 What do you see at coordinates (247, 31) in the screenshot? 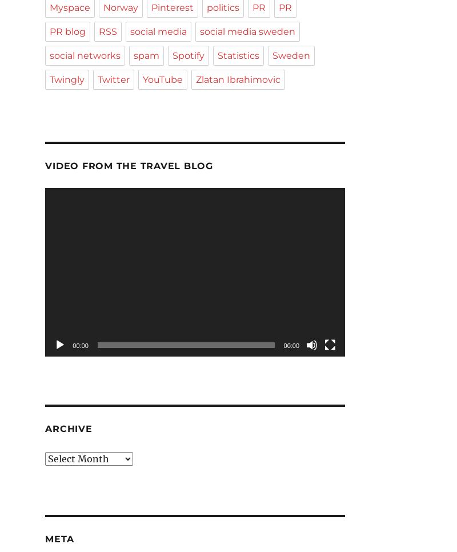
I see `'social media sweden'` at bounding box center [247, 31].